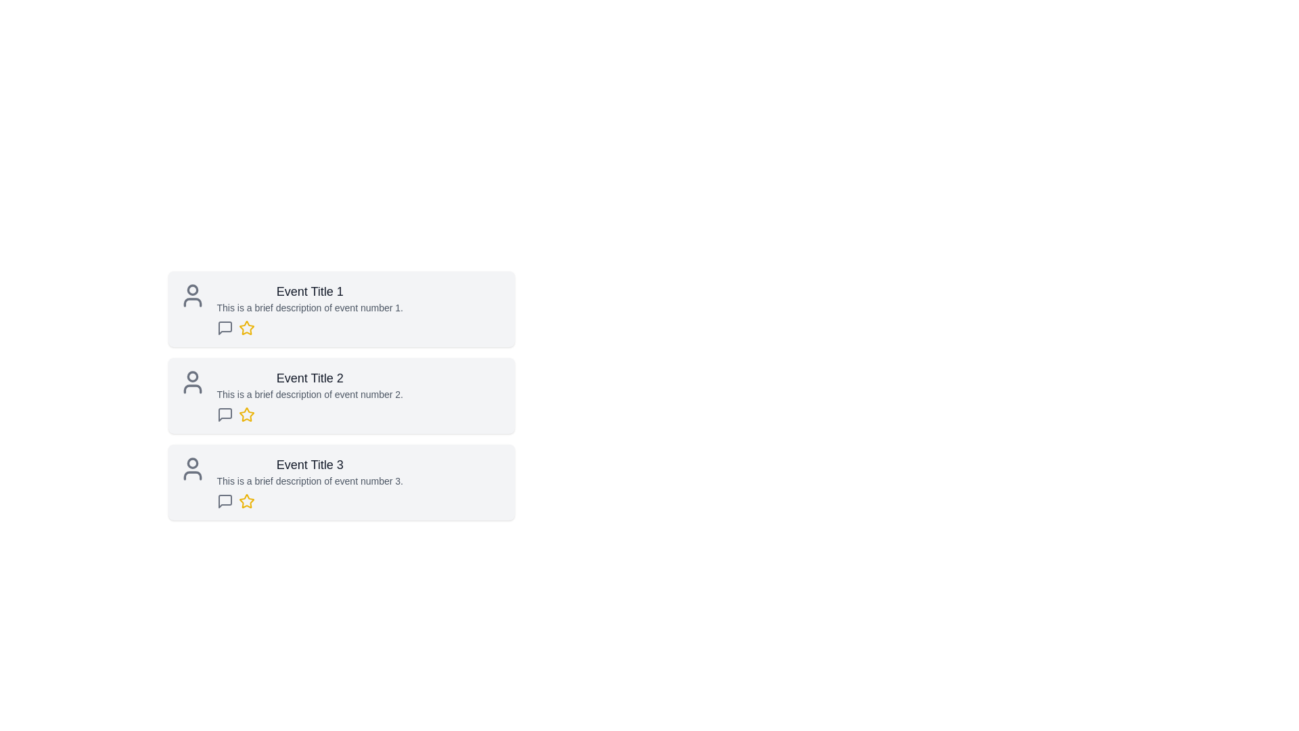  What do you see at coordinates (309, 482) in the screenshot?
I see `text displayed in the textual content block of the third event card, which contains the title and a short description of the event` at bounding box center [309, 482].